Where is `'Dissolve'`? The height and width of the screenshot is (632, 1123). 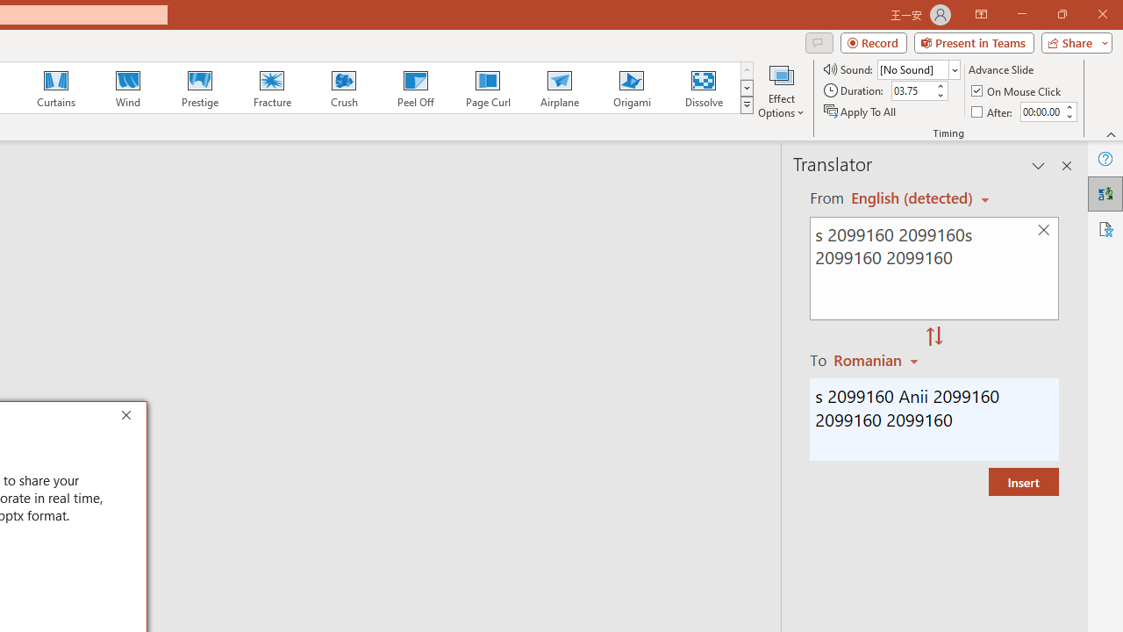 'Dissolve' is located at coordinates (704, 88).